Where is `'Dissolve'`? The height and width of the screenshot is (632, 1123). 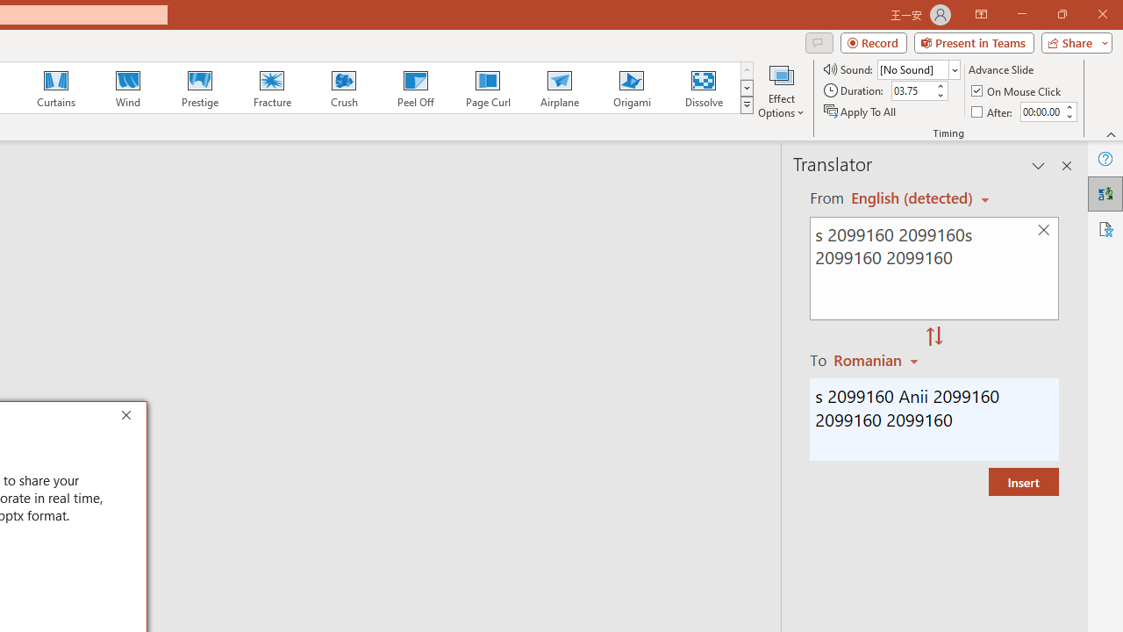 'Dissolve' is located at coordinates (704, 88).